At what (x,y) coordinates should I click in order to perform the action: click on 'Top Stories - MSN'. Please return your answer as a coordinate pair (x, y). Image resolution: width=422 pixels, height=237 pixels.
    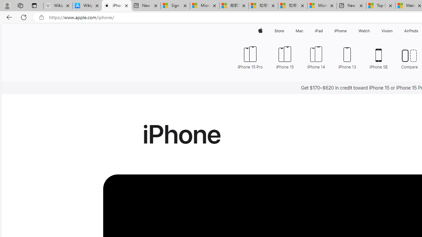
    Looking at the image, I should click on (381, 6).